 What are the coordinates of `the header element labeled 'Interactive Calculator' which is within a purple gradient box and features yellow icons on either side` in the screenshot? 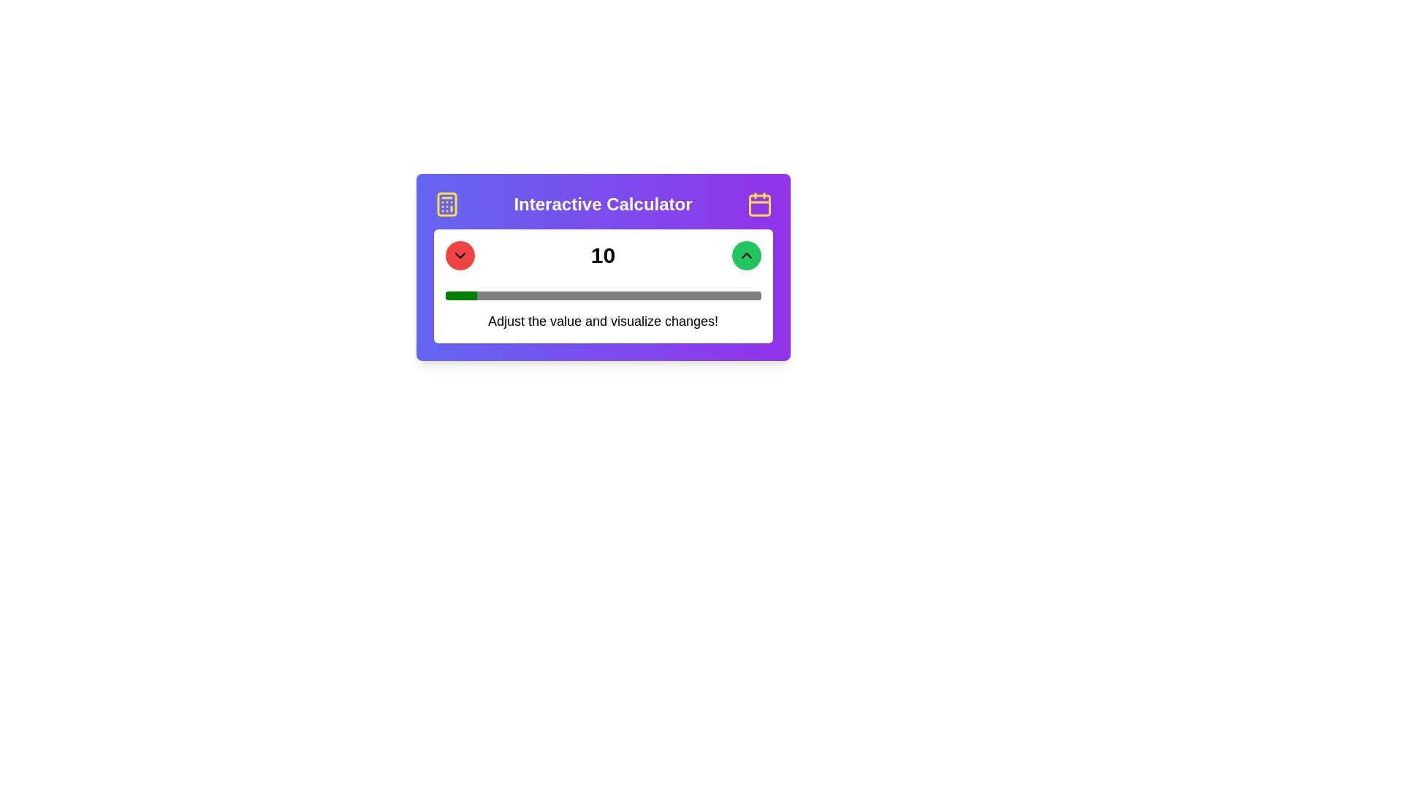 It's located at (603, 205).